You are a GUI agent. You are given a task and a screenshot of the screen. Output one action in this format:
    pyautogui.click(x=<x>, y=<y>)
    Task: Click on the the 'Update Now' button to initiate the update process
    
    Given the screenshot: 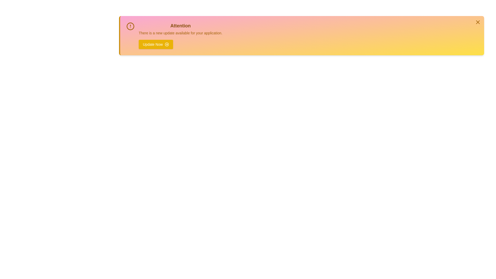 What is the action you would take?
    pyautogui.click(x=156, y=44)
    